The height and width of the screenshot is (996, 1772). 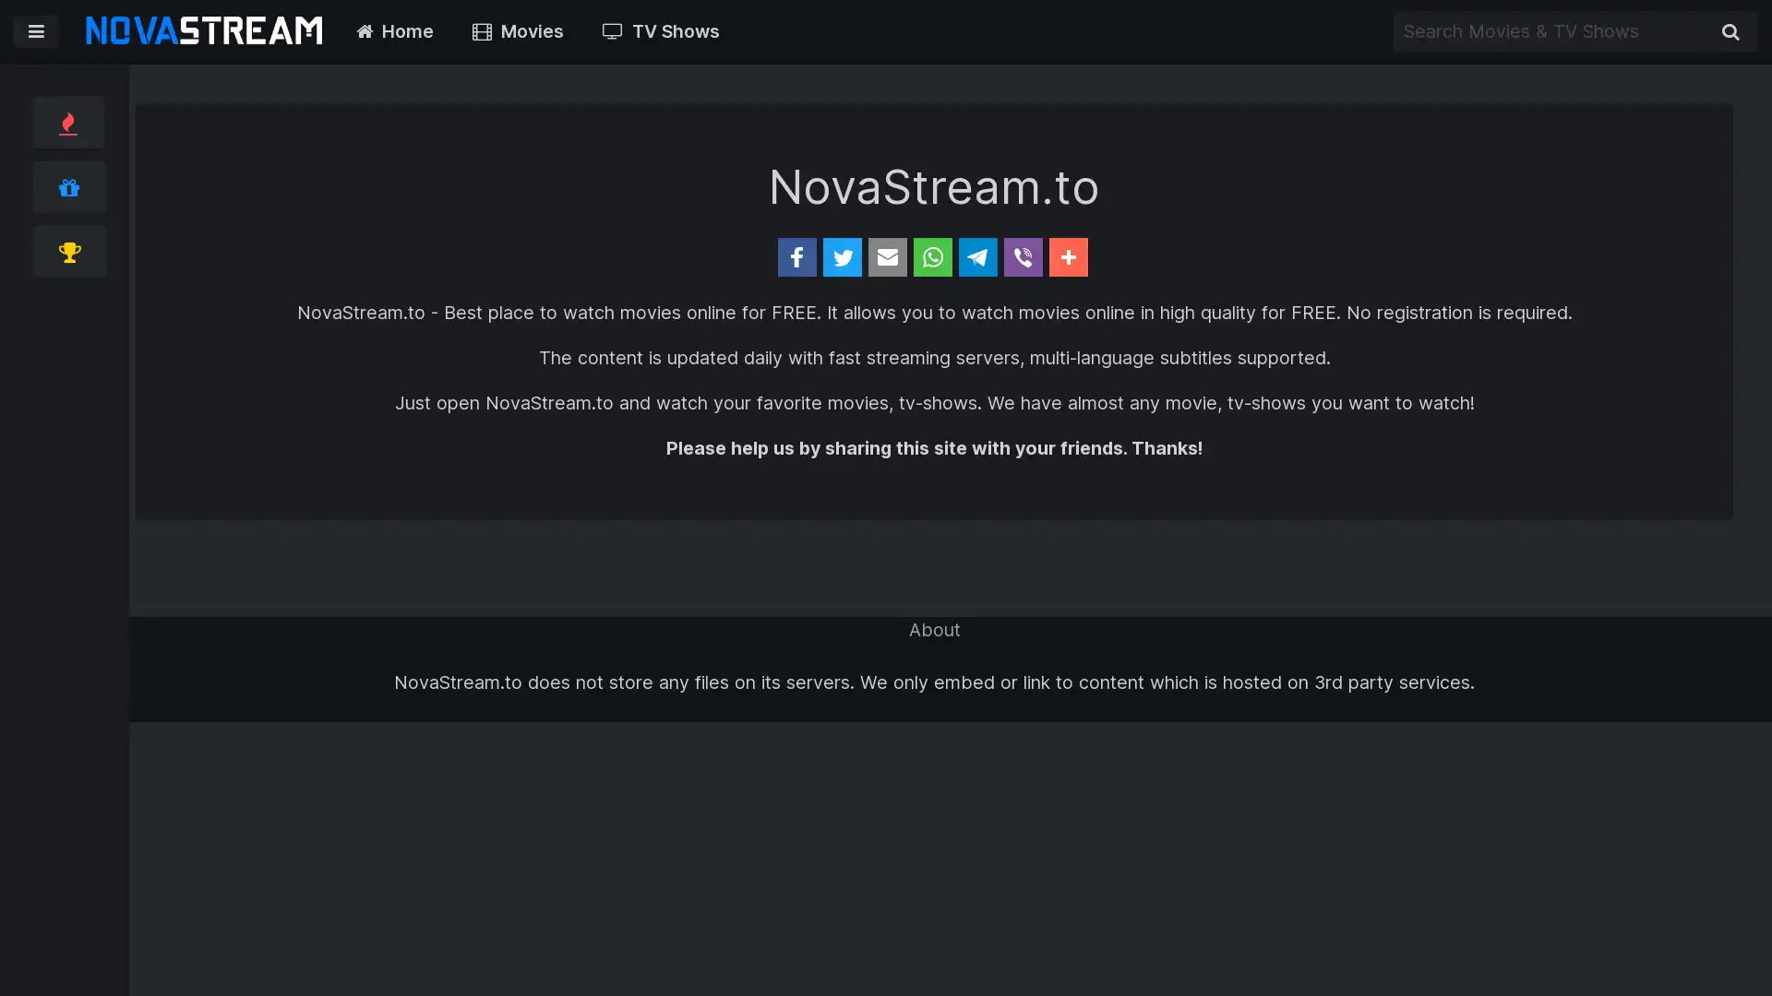 What do you see at coordinates (642, 256) in the screenshot?
I see `Share to Facebook Facebook` at bounding box center [642, 256].